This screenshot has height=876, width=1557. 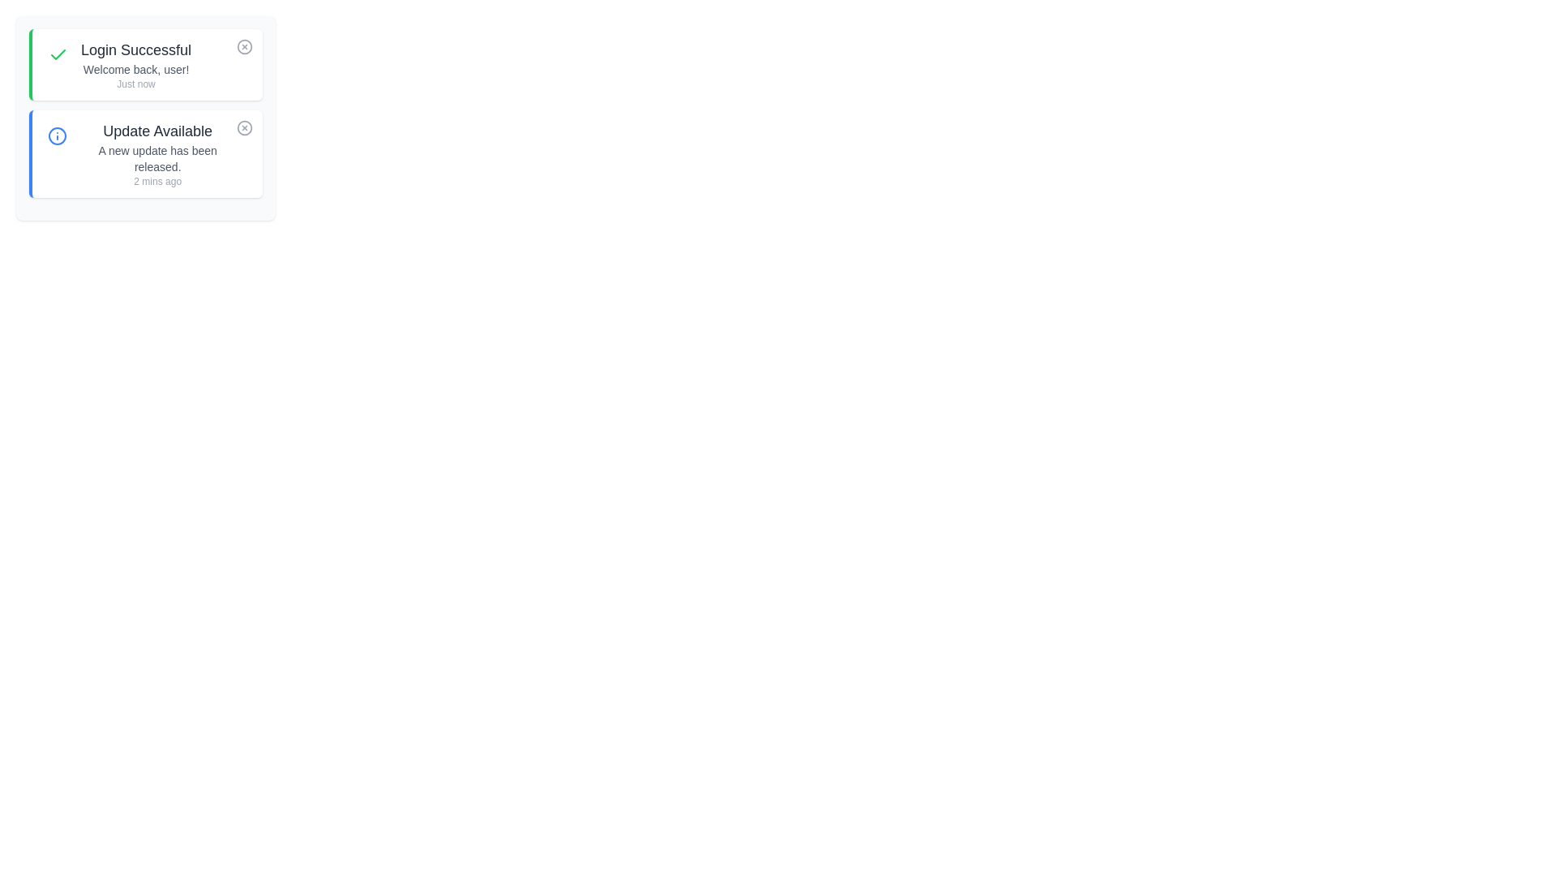 I want to click on the SVG circle element representing the dismiss action, so click(x=244, y=45).